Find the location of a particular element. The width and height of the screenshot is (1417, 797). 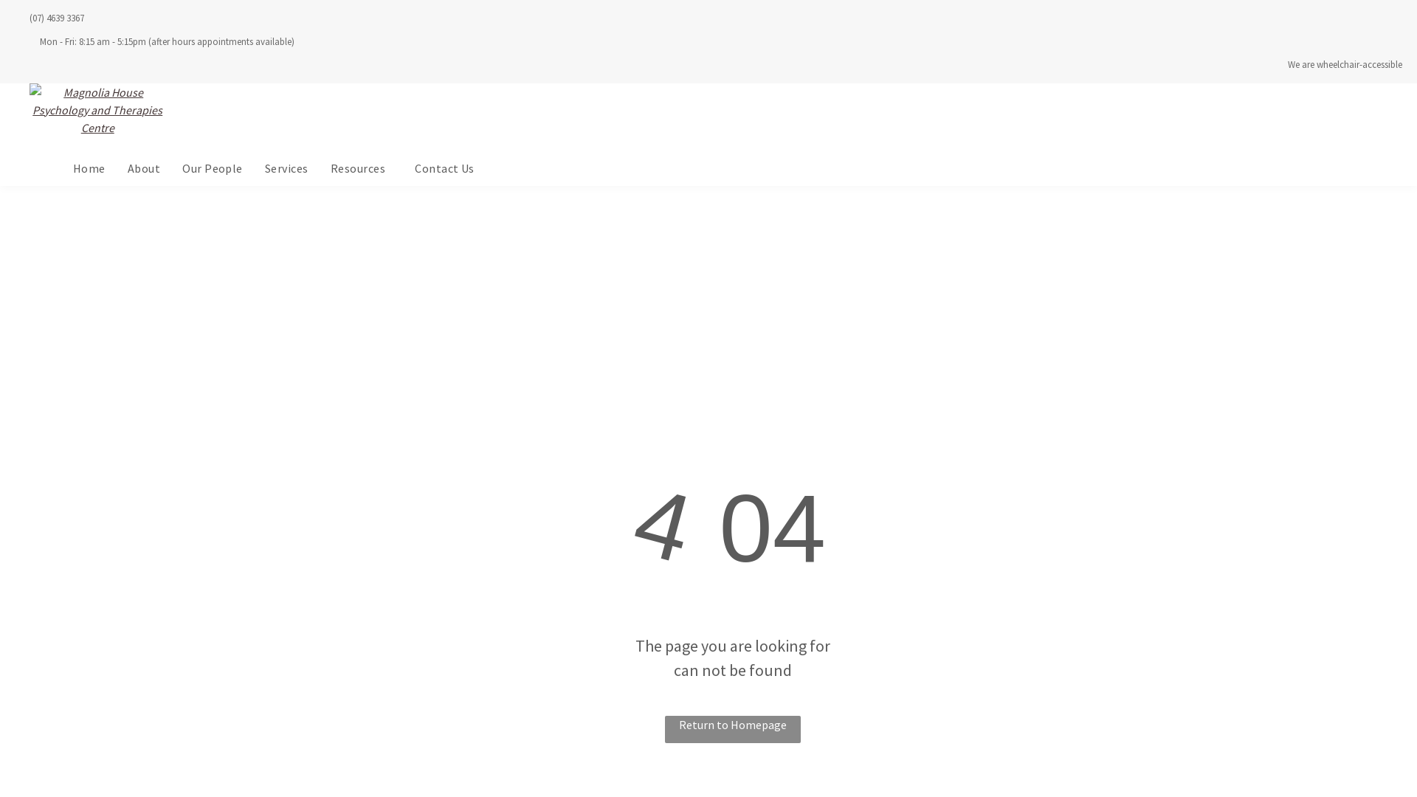

'Services' is located at coordinates (286, 167).